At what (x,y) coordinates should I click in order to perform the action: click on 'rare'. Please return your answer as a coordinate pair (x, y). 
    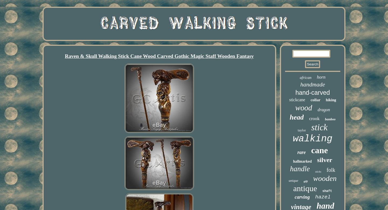
    Looking at the image, I should click on (297, 152).